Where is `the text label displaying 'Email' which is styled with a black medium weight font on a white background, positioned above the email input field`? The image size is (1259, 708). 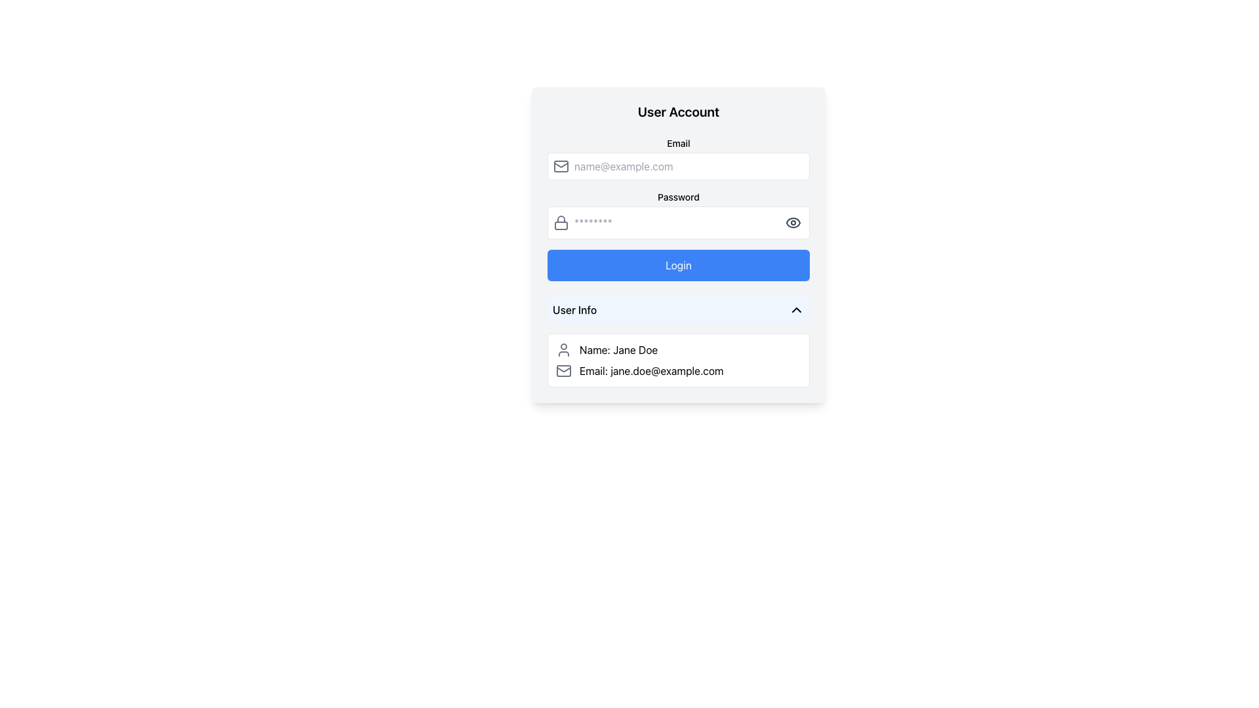 the text label displaying 'Email' which is styled with a black medium weight font on a white background, positioned above the email input field is located at coordinates (679, 144).